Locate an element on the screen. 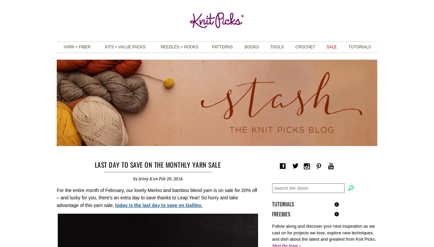 This screenshot has height=247, width=434. 'Bulky' is located at coordinates (63, 111).